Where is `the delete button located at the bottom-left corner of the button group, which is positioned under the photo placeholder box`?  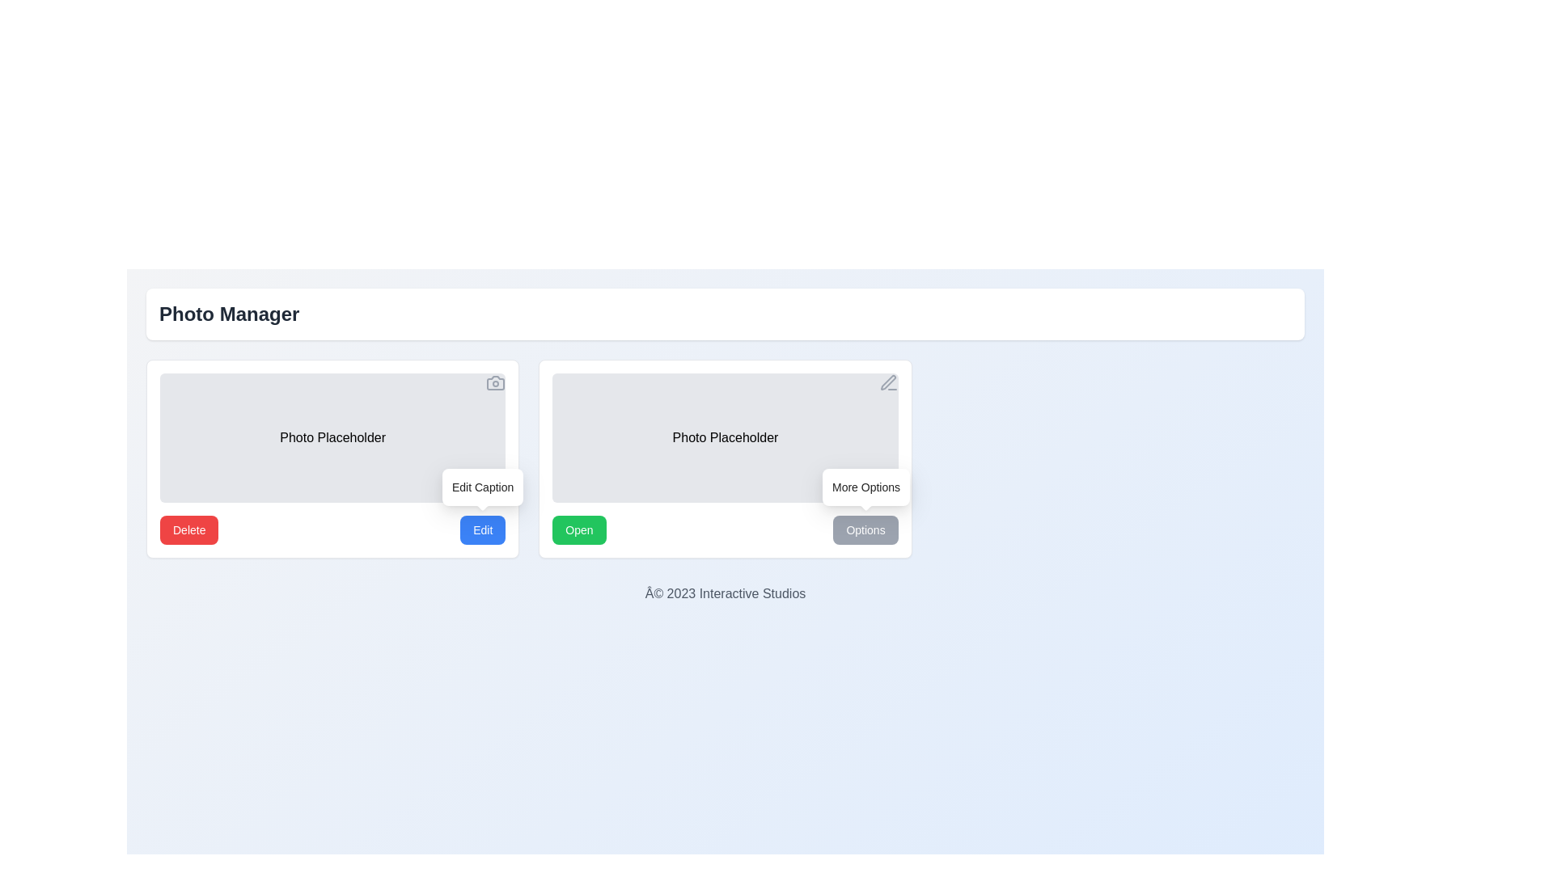
the delete button located at the bottom-left corner of the button group, which is positioned under the photo placeholder box is located at coordinates (189, 529).